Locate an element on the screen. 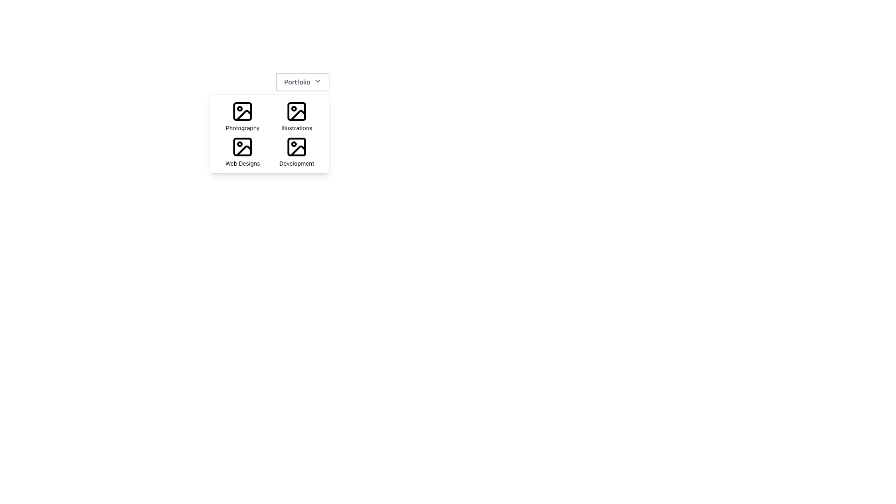  the vector graphic shape within the 'Illustrations' icon located at the top-right of the grid is located at coordinates (298, 115).